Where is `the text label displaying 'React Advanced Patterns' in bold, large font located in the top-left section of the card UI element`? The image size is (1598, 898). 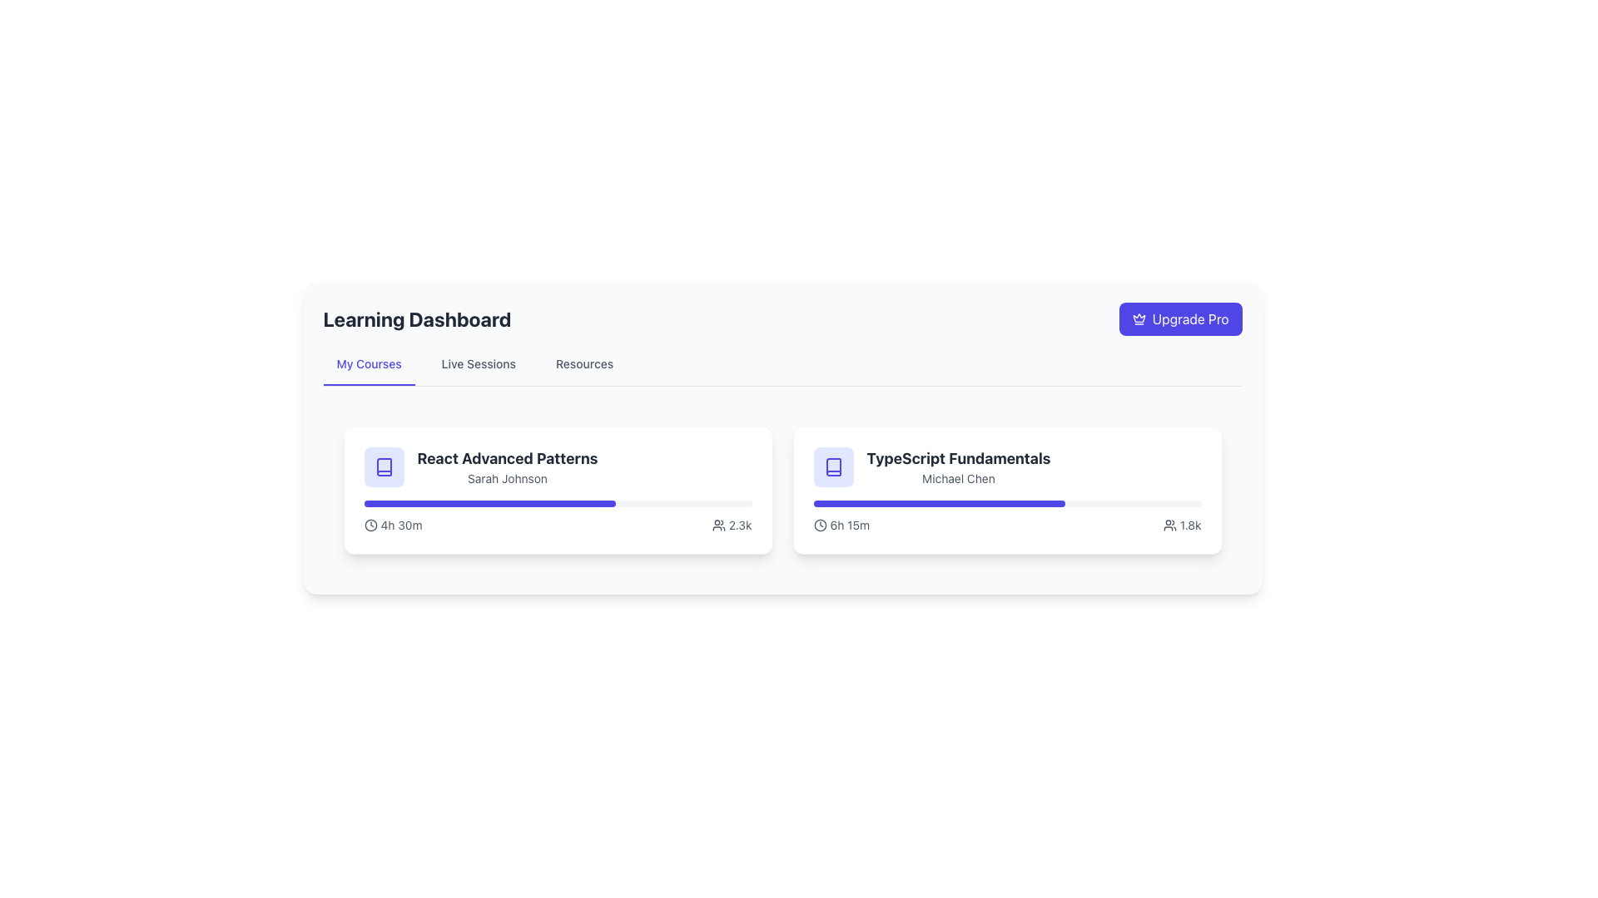
the text label displaying 'React Advanced Patterns' in bold, large font located in the top-left section of the card UI element is located at coordinates (506, 458).